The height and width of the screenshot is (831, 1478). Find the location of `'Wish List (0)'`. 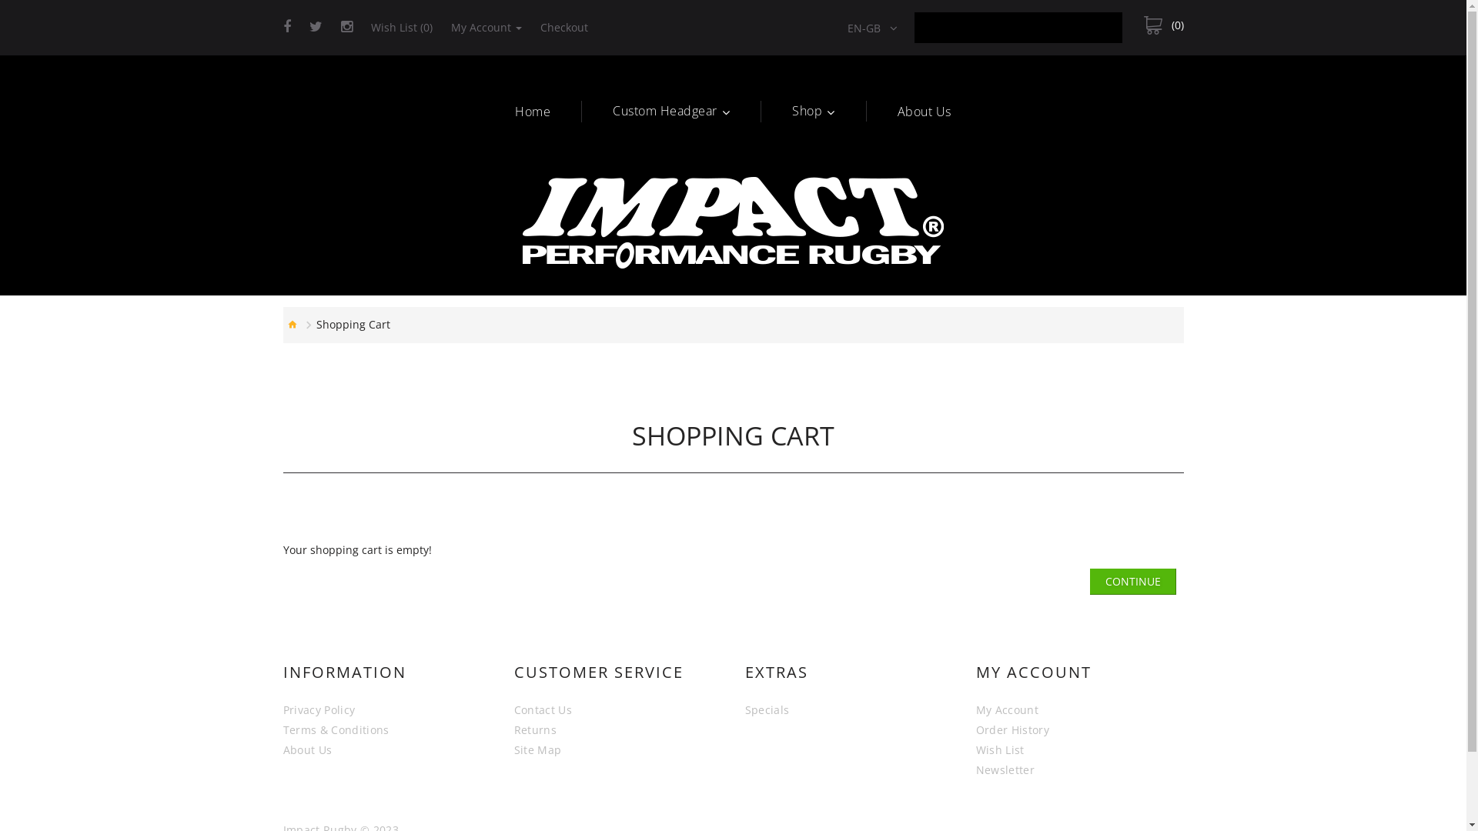

'Wish List (0)' is located at coordinates (402, 27).